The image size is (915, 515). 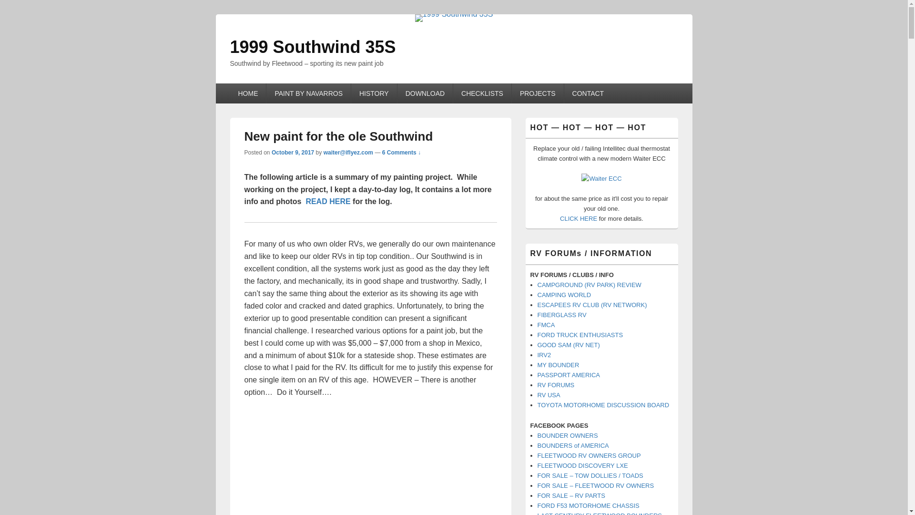 What do you see at coordinates (544, 355) in the screenshot?
I see `'IRV2'` at bounding box center [544, 355].